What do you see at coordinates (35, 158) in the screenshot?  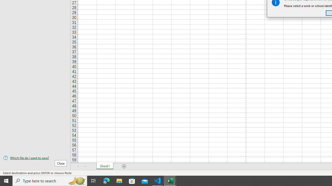 I see `'Which file do I want to save?'` at bounding box center [35, 158].